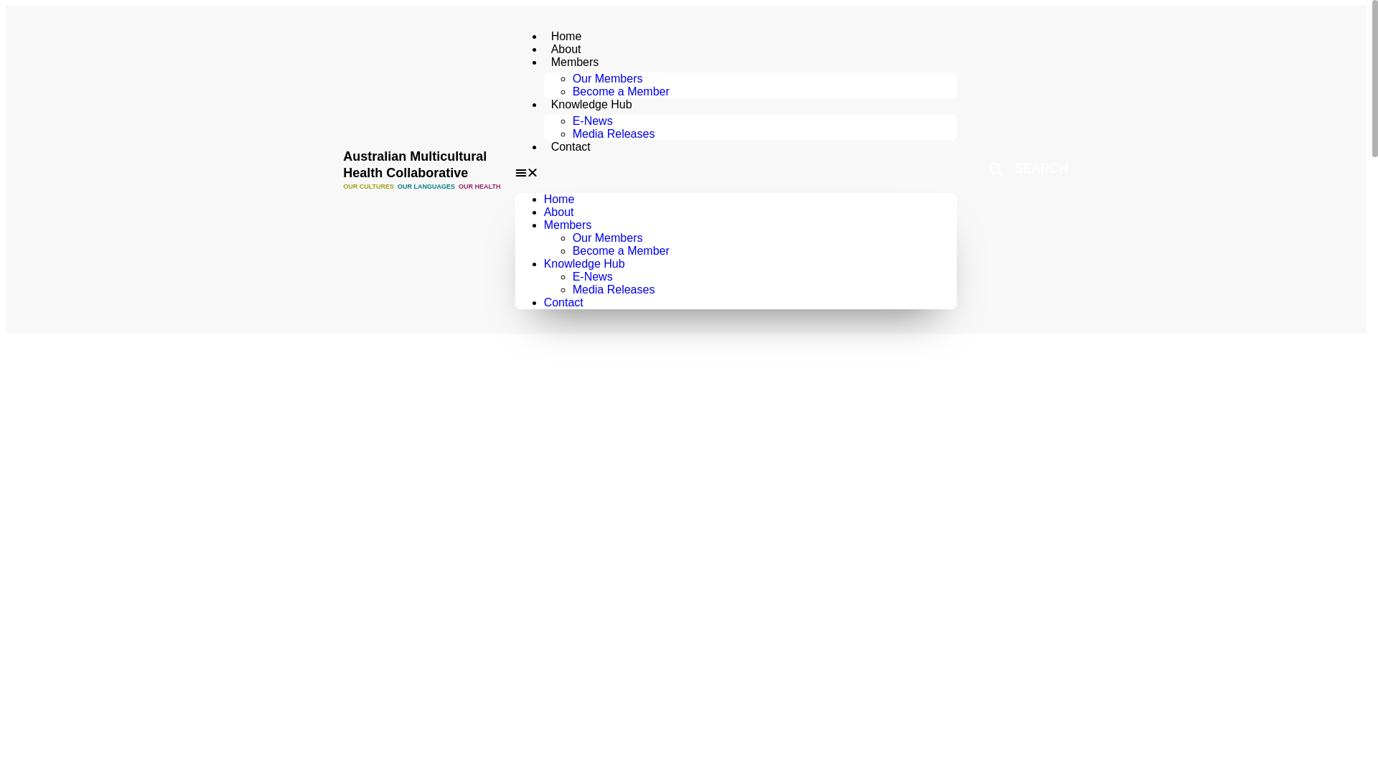 This screenshot has width=1378, height=775. I want to click on 'Media Releases', so click(614, 289).